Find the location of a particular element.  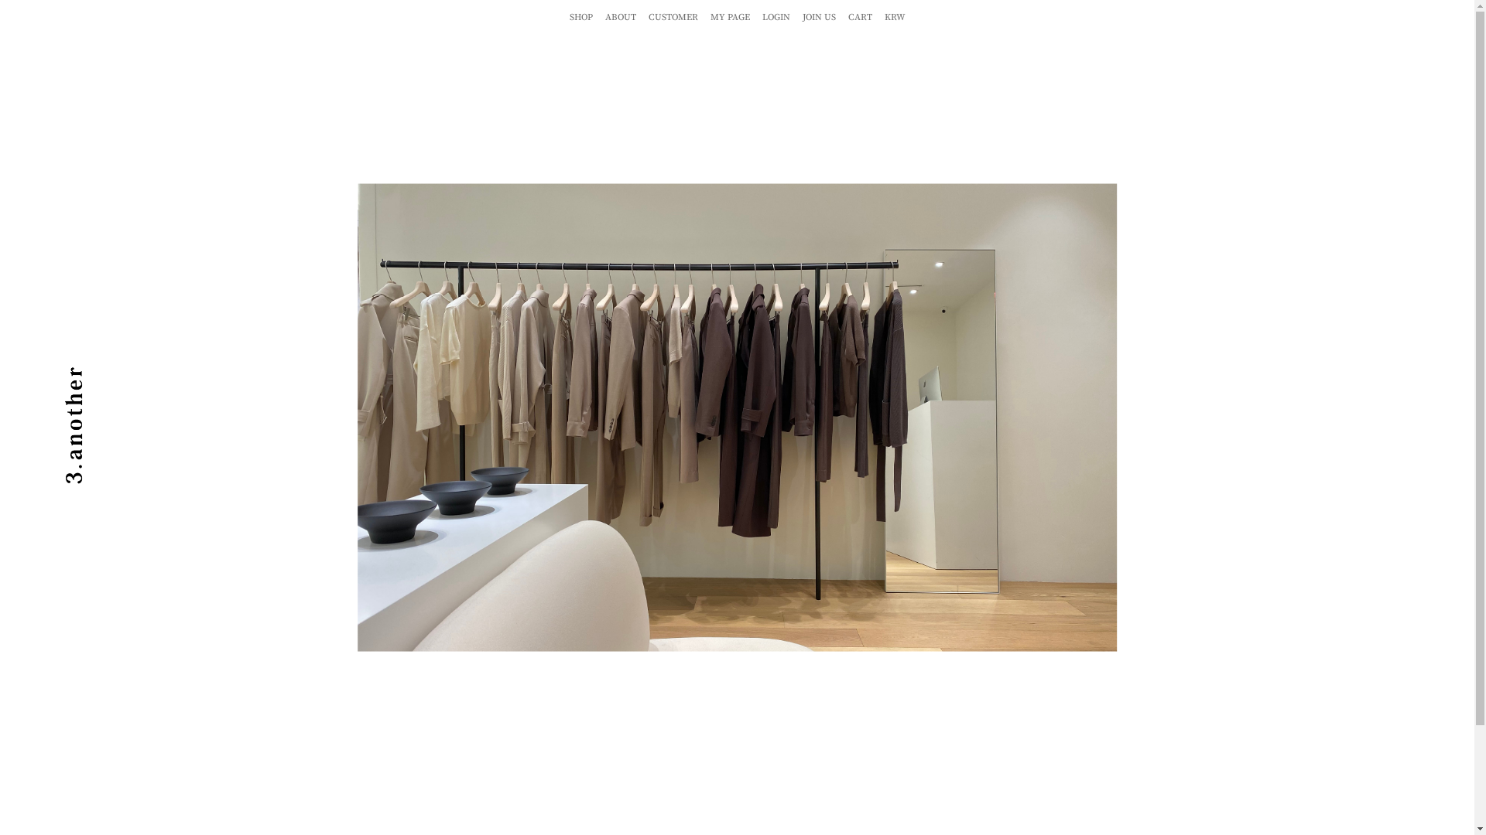

'SHOP' is located at coordinates (580, 17).